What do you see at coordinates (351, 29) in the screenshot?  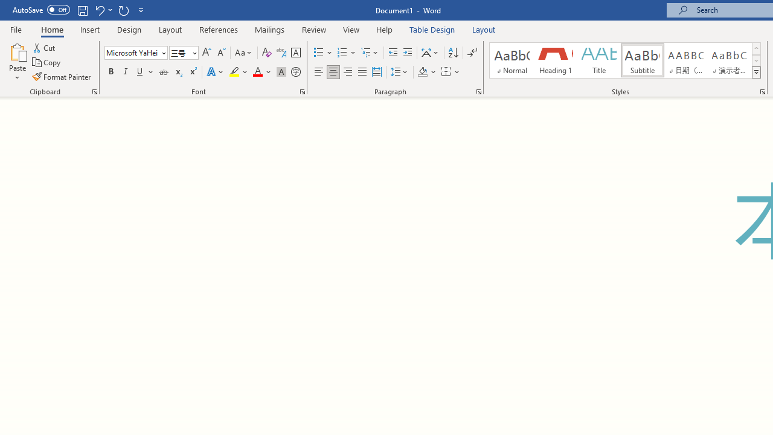 I see `'View'` at bounding box center [351, 29].